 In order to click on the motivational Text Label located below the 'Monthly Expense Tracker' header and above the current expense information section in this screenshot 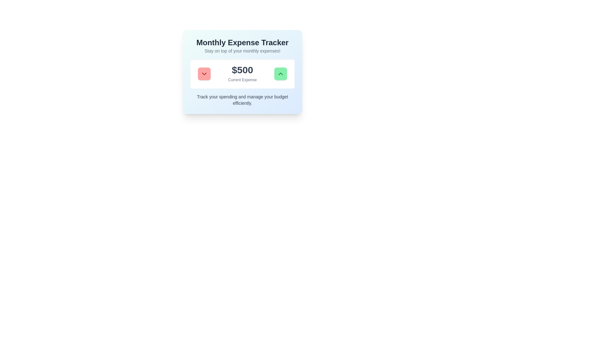, I will do `click(242, 50)`.